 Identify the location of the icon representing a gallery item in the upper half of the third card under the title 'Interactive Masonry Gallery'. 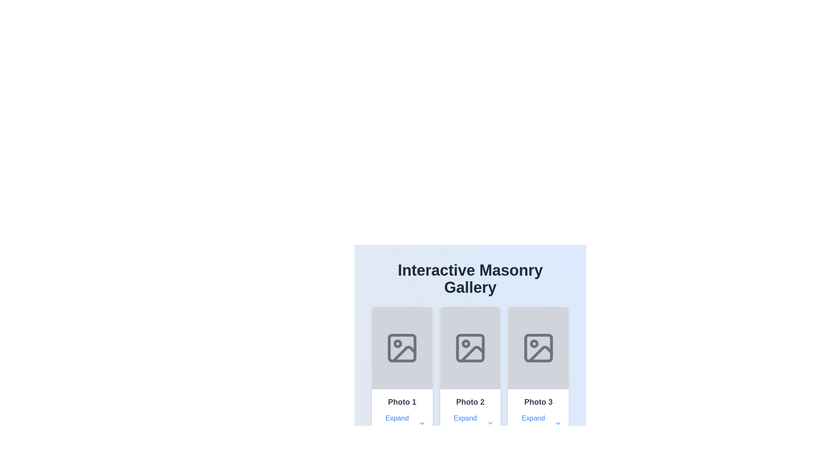
(538, 348).